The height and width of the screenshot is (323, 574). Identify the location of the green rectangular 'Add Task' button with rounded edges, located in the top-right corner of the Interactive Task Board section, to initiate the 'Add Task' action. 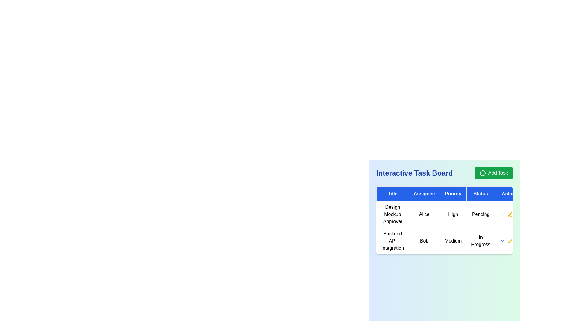
(494, 173).